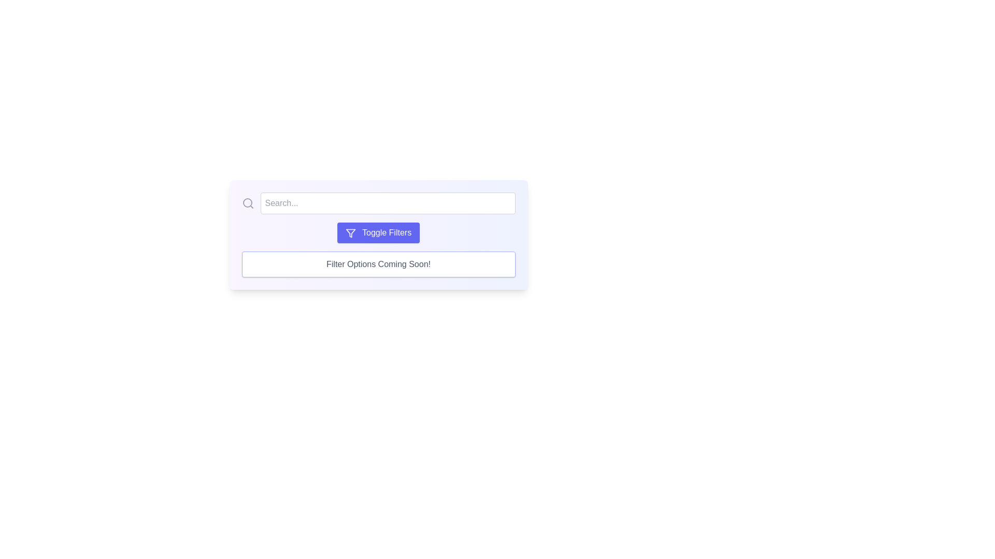 Image resolution: width=995 pixels, height=559 pixels. Describe the element at coordinates (378, 235) in the screenshot. I see `the 'Toggle Filters' button which is a rectangular button with a vibrant indigo background and white text, located centrally in its section above a description text box` at that location.